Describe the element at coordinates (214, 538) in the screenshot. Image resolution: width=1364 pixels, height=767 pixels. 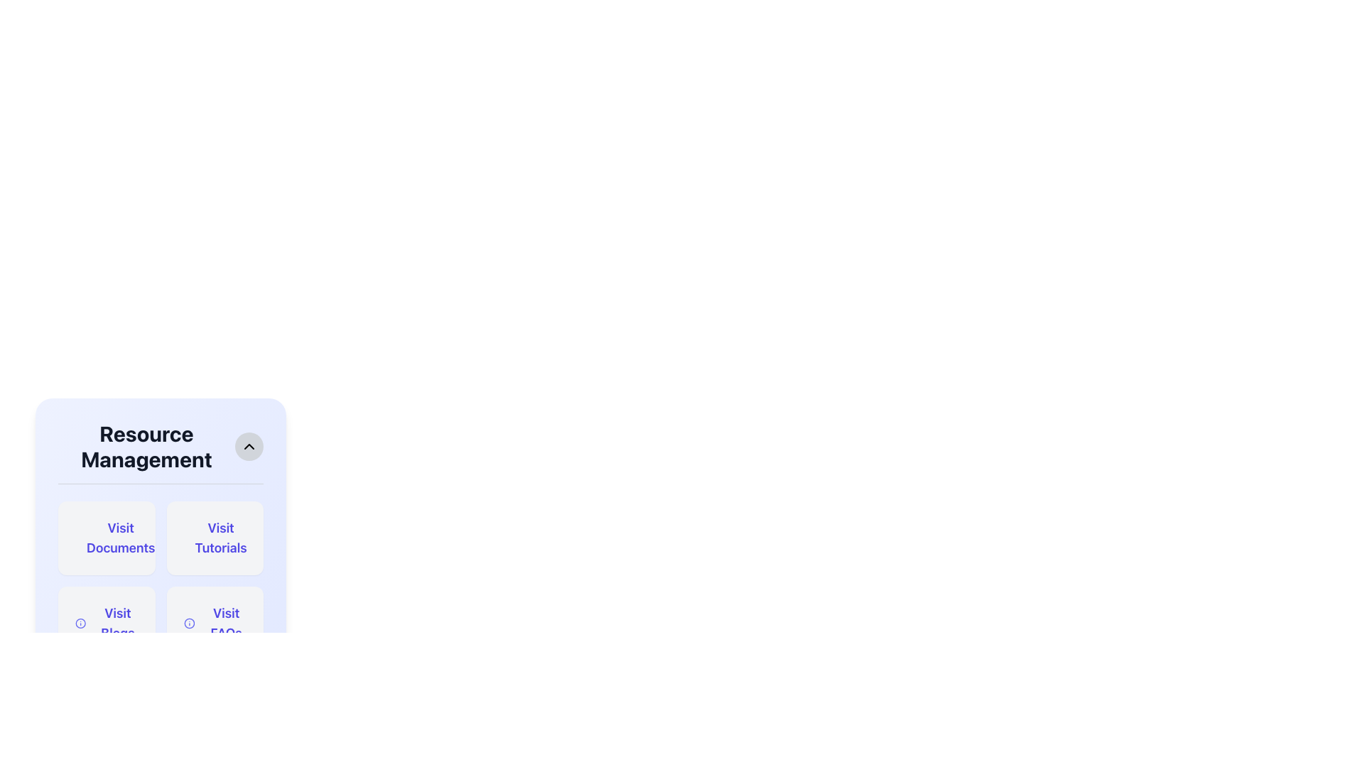
I see `the button located in the second column of the first row of the grid layout, which redirects to tutorials` at that location.